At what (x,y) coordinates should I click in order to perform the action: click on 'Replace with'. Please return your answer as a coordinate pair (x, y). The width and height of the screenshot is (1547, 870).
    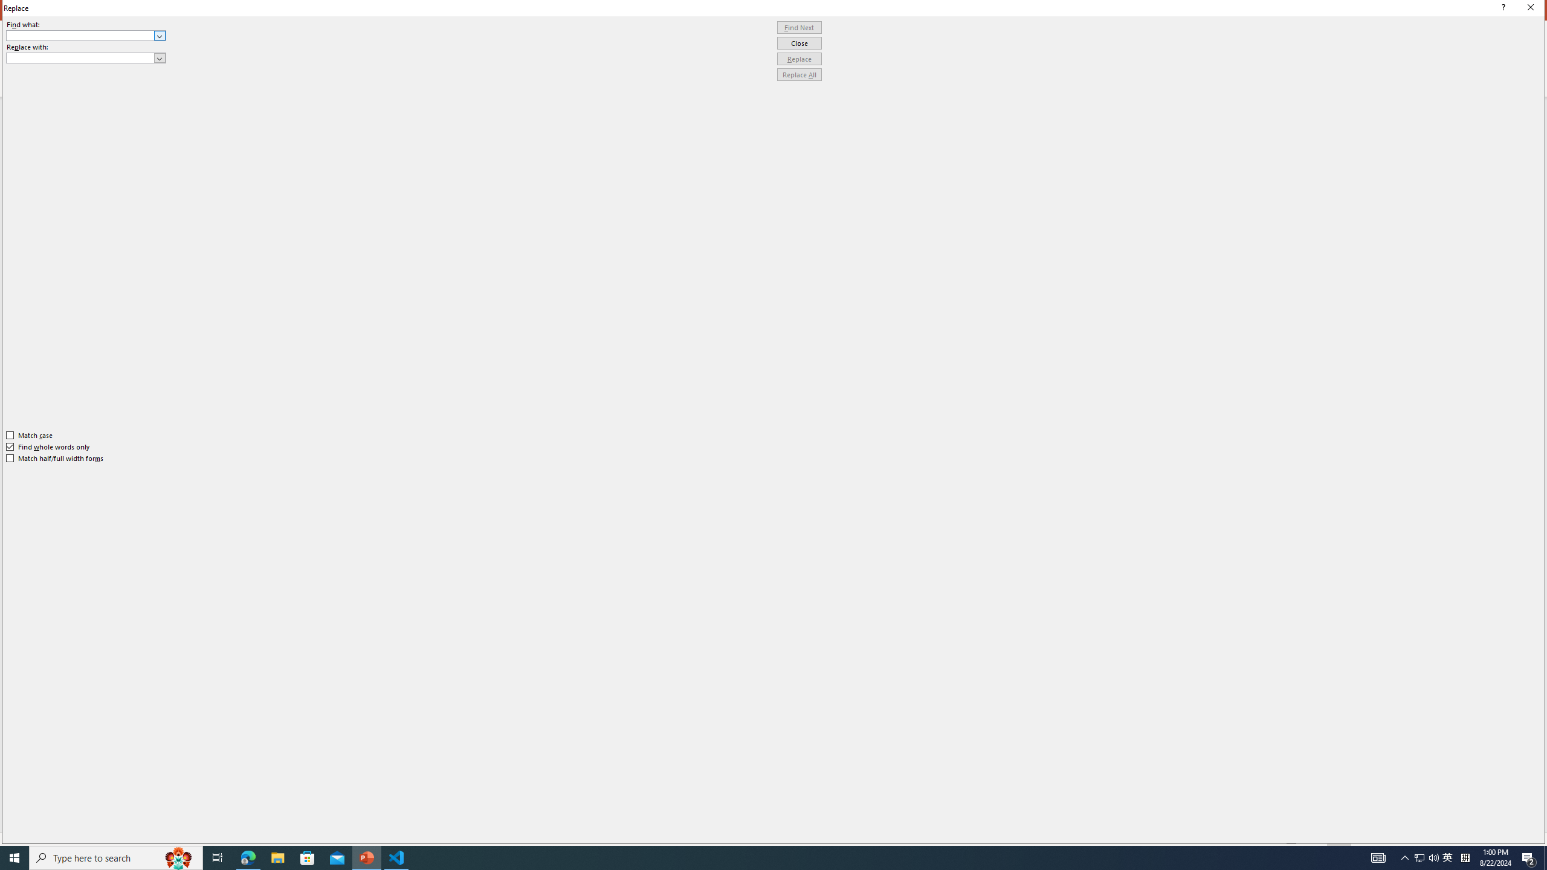
    Looking at the image, I should click on (86, 57).